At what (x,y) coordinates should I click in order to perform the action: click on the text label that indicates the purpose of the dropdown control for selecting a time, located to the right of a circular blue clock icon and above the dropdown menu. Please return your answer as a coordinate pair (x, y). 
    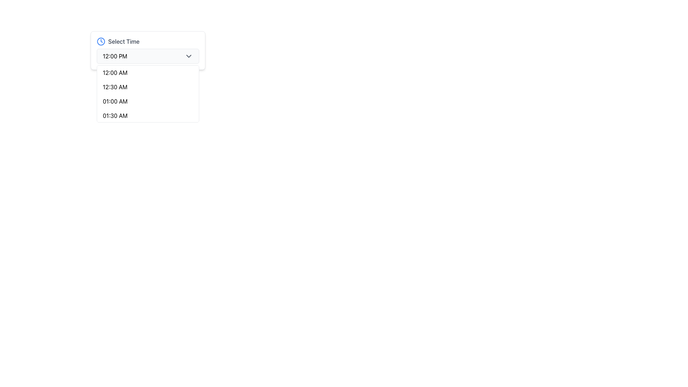
    Looking at the image, I should click on (124, 41).